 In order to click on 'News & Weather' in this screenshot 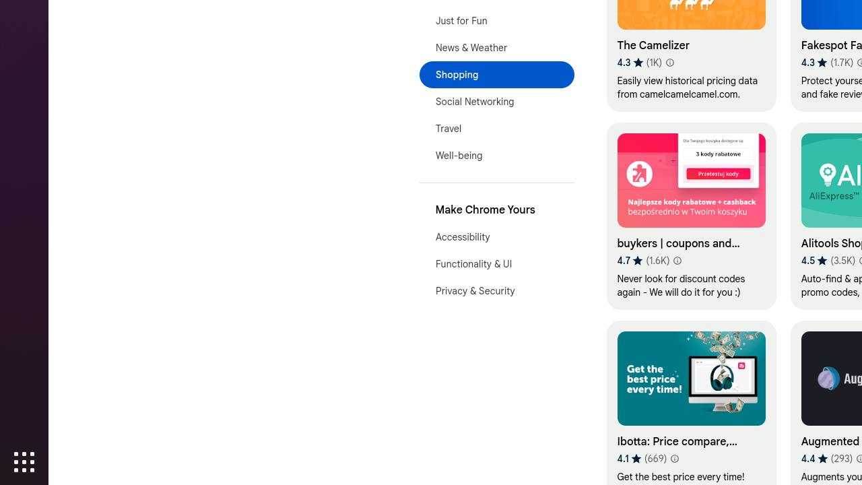, I will do `click(496, 46)`.